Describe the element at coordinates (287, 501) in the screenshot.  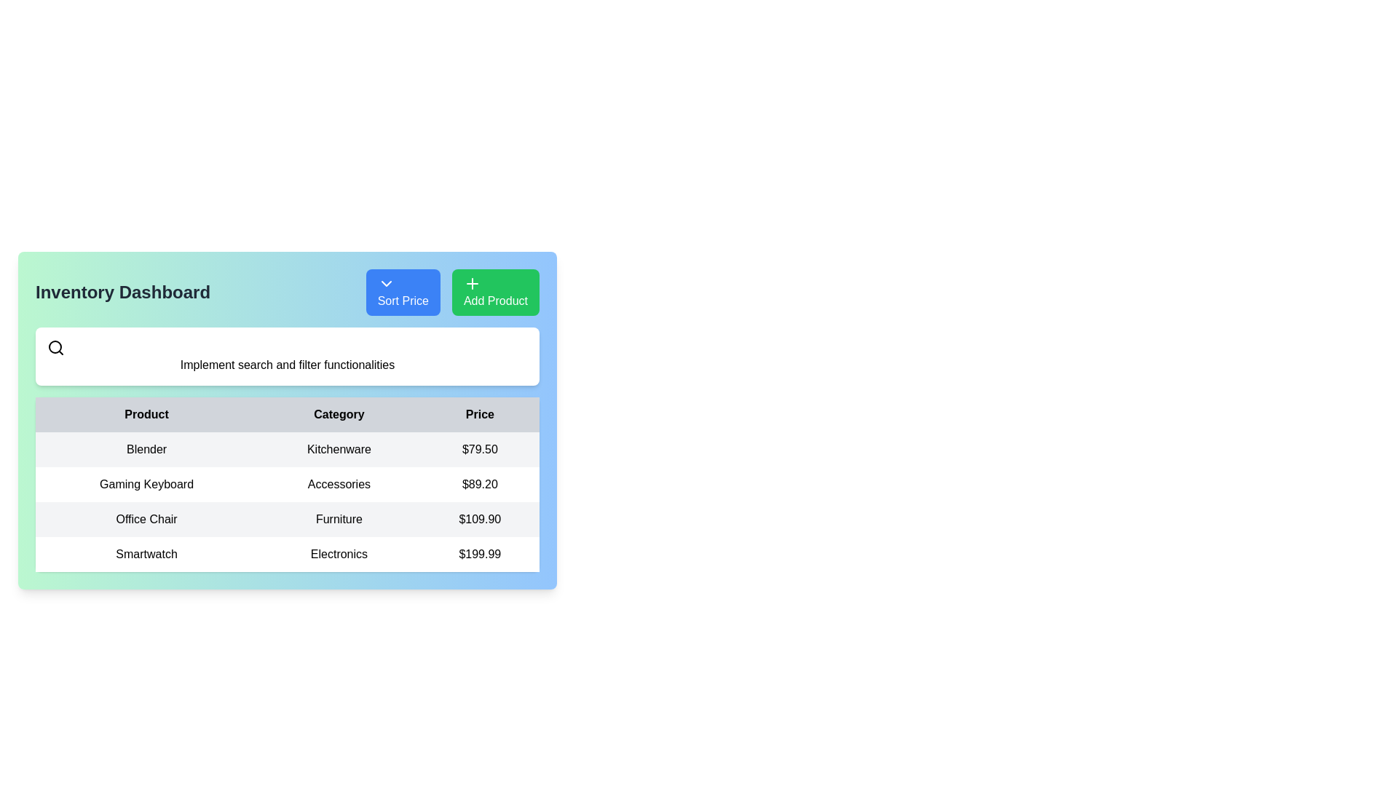
I see `the second row in the product table that contains details about the Gaming Keyboard` at that location.